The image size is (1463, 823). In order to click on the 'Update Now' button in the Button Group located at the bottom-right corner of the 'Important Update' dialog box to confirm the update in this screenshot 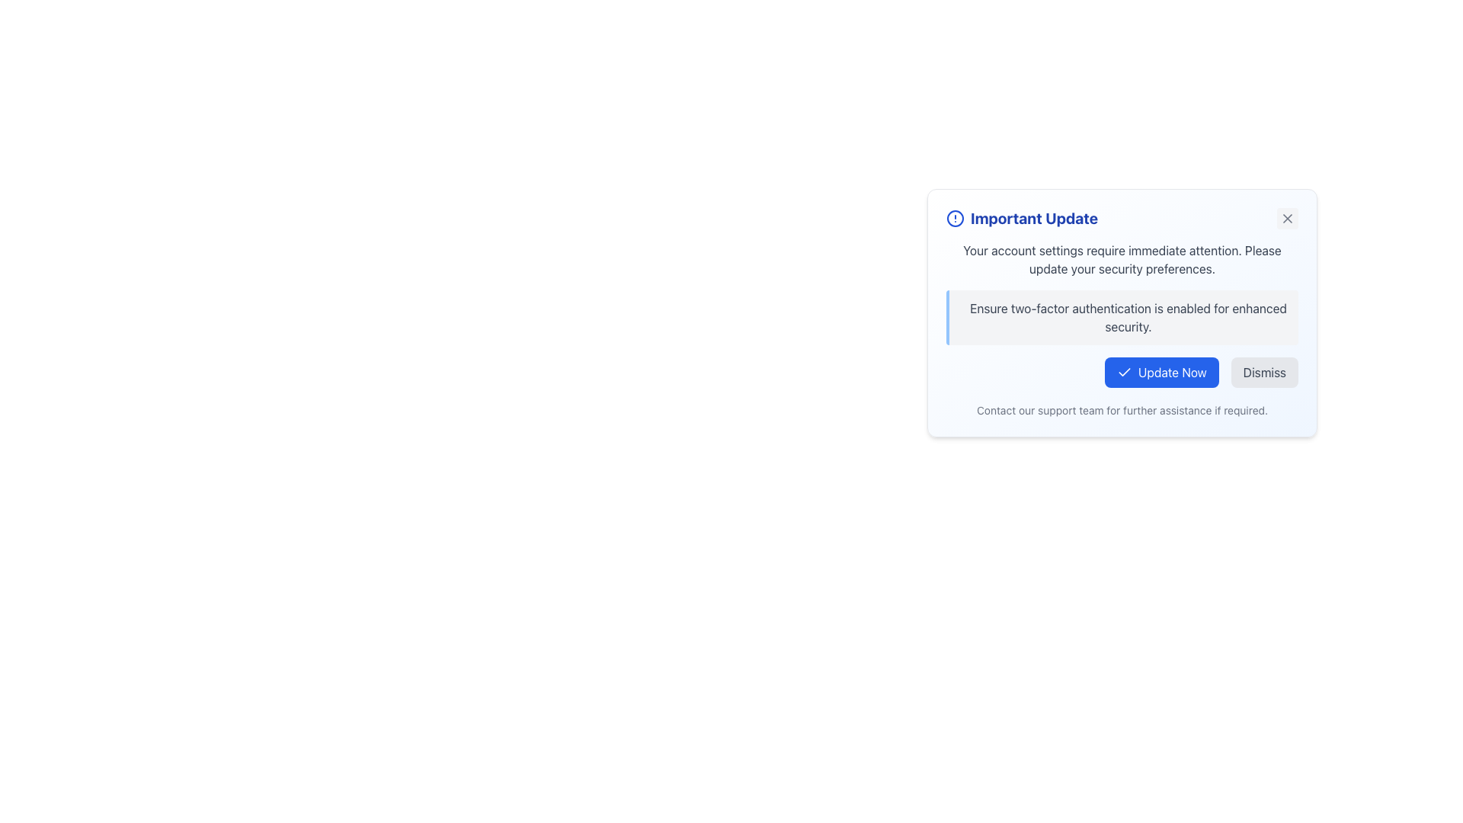, I will do `click(1122, 373)`.